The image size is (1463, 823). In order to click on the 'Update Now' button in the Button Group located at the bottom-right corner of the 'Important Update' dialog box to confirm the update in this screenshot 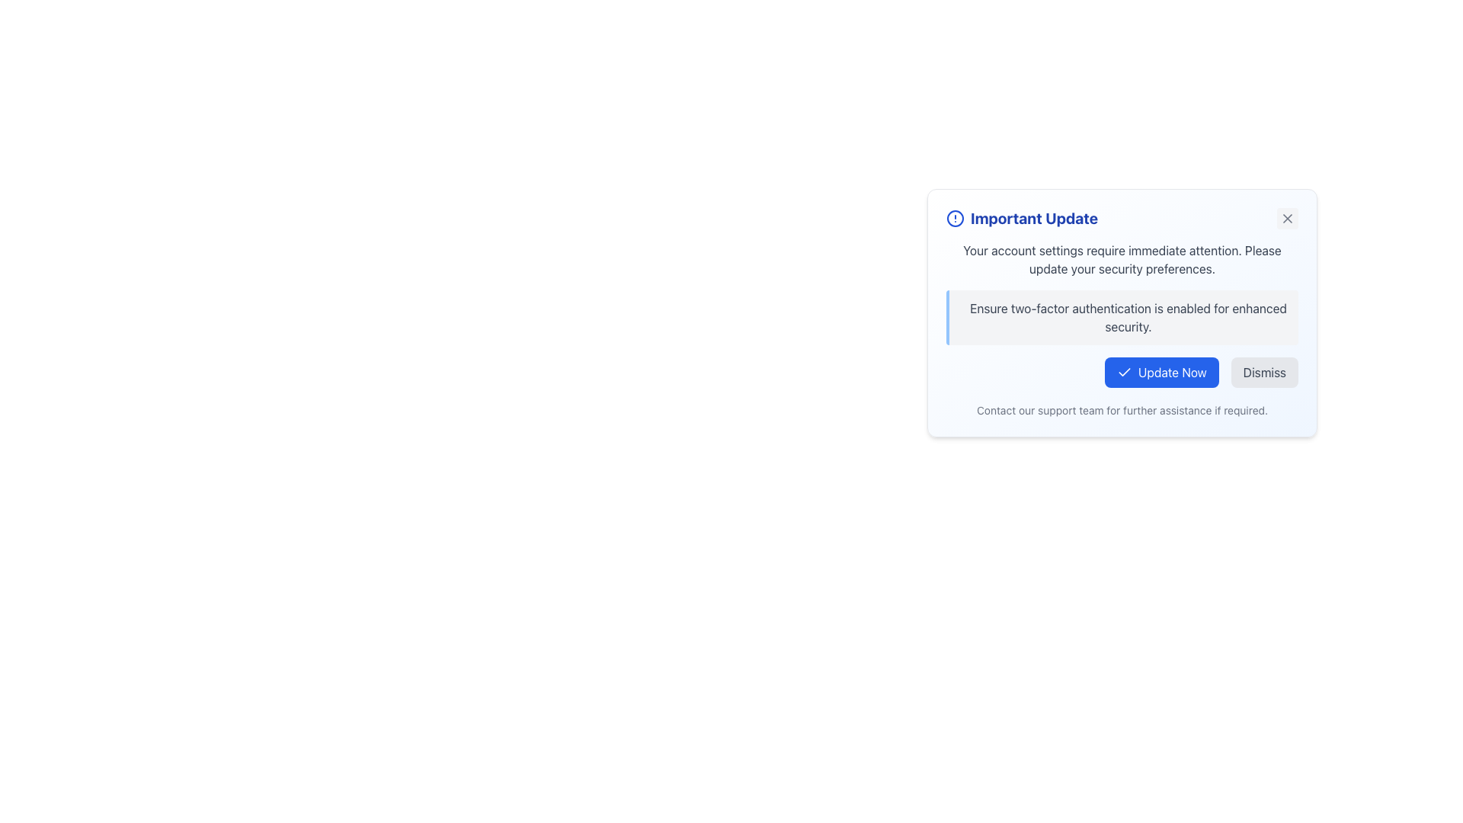, I will do `click(1122, 373)`.